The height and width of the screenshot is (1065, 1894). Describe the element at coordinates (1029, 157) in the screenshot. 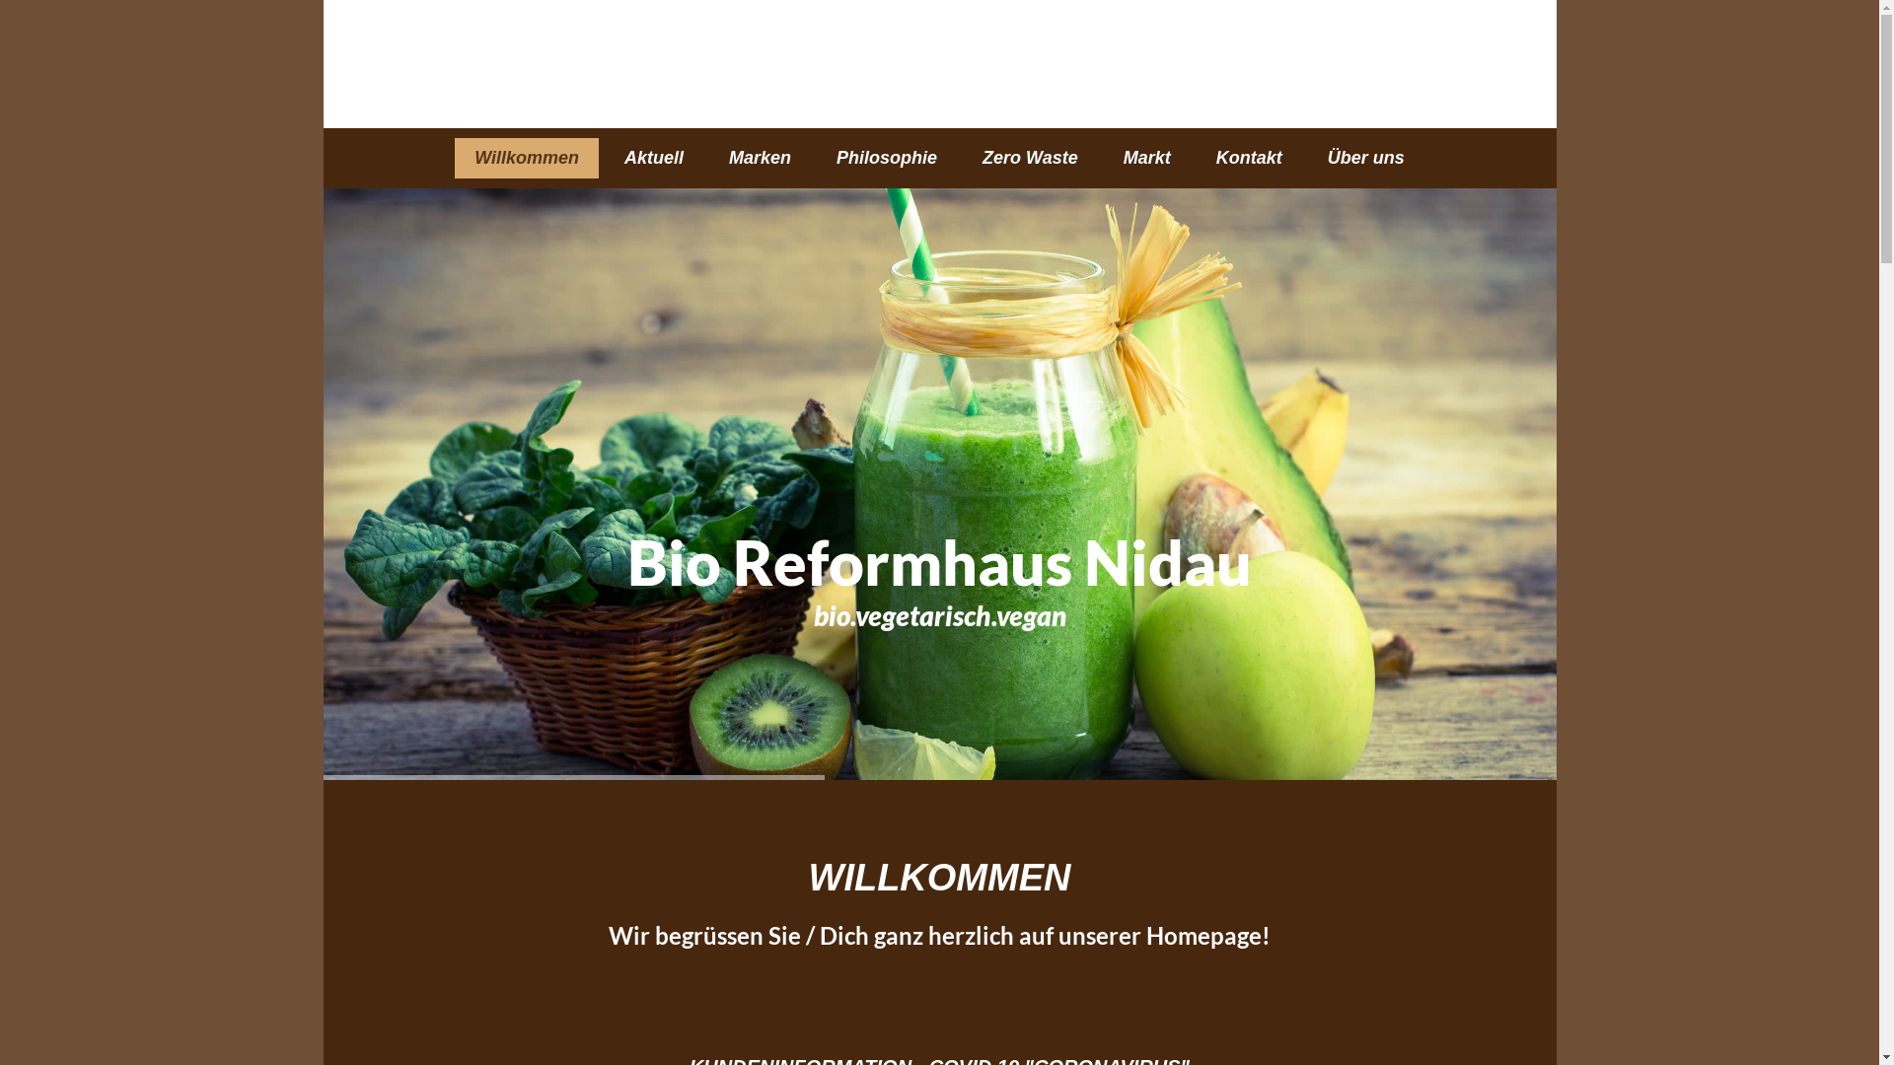

I see `'Zero Waste'` at that location.